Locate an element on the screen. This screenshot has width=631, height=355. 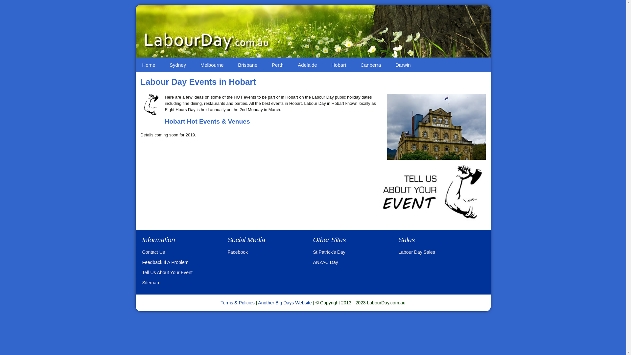
'Perth' is located at coordinates (277, 65).